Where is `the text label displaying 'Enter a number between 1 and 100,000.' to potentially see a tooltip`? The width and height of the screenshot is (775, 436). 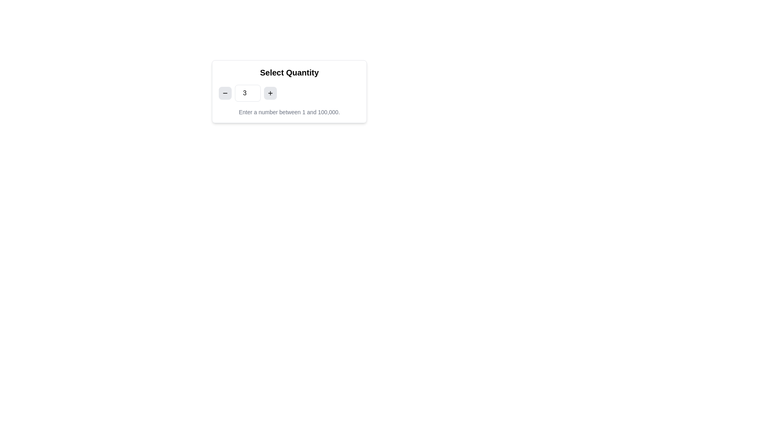
the text label displaying 'Enter a number between 1 and 100,000.' to potentially see a tooltip is located at coordinates (289, 112).